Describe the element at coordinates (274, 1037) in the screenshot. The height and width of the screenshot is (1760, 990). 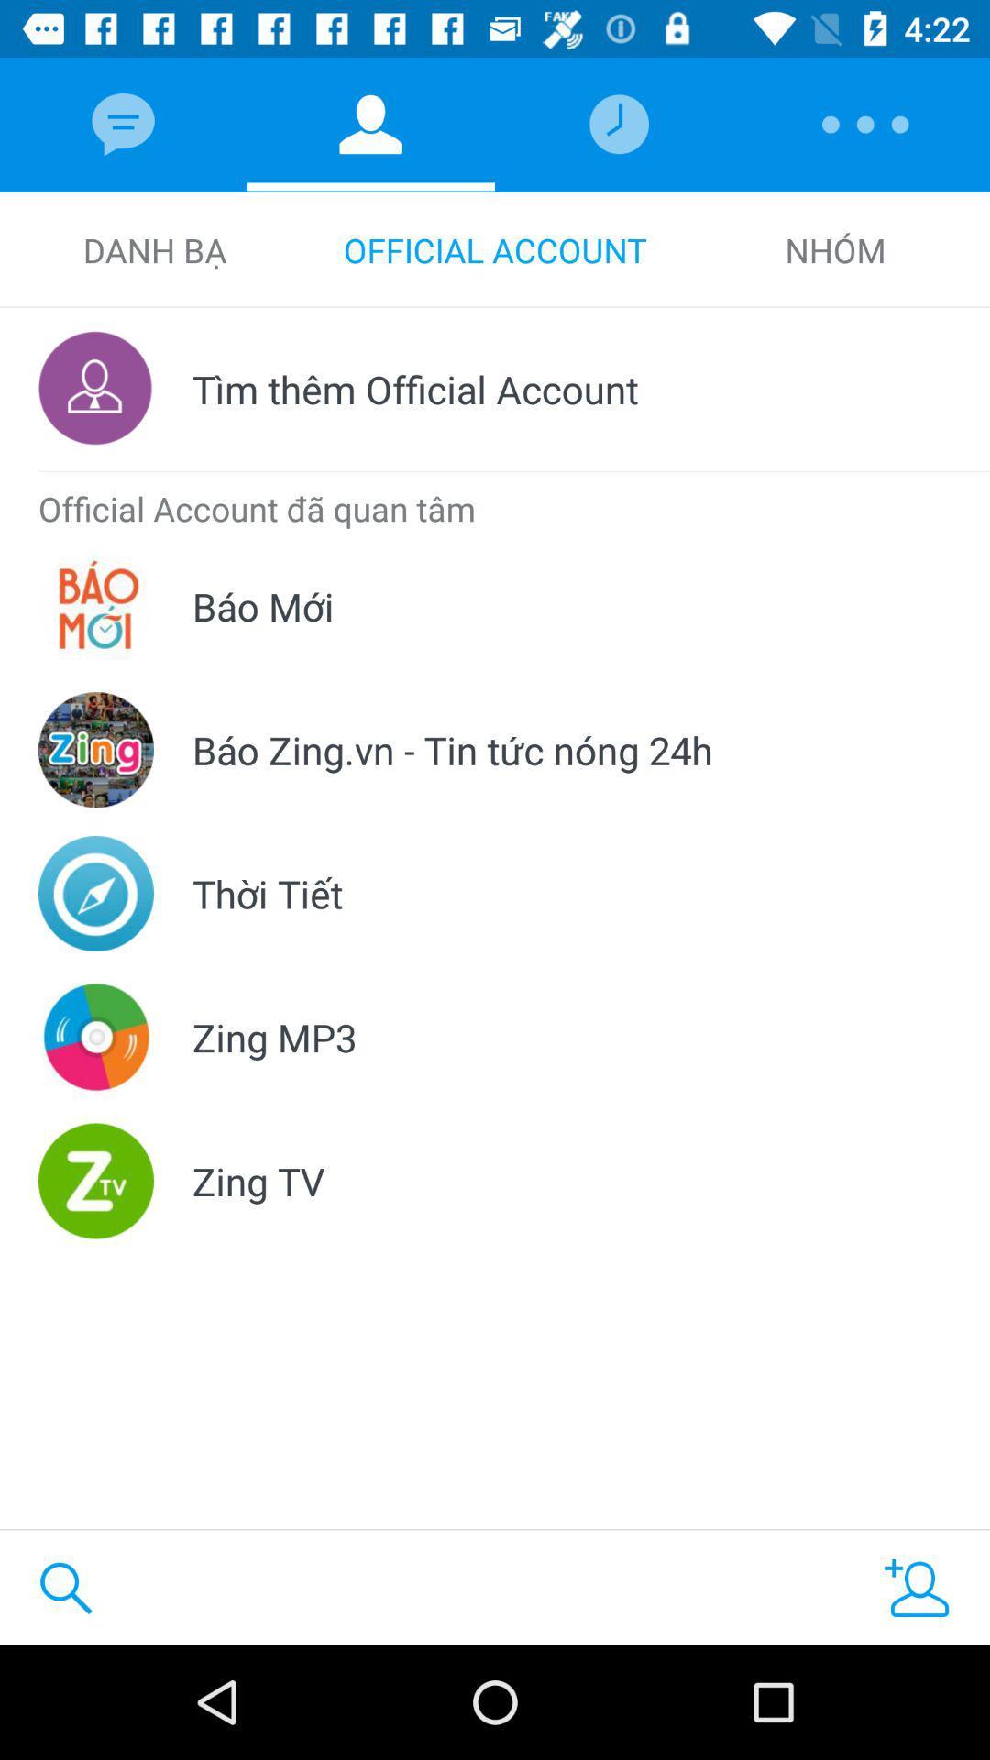
I see `item above the zing tv` at that location.